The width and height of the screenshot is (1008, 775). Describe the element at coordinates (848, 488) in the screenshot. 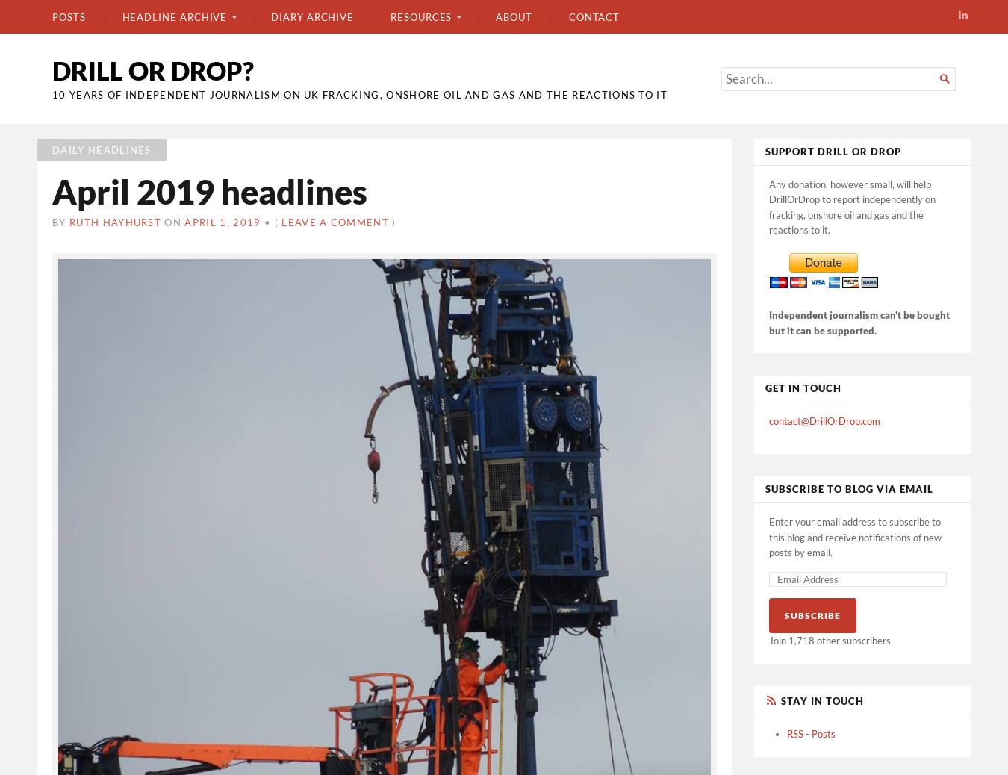

I see `'Subscribe to Blog via Email'` at that location.